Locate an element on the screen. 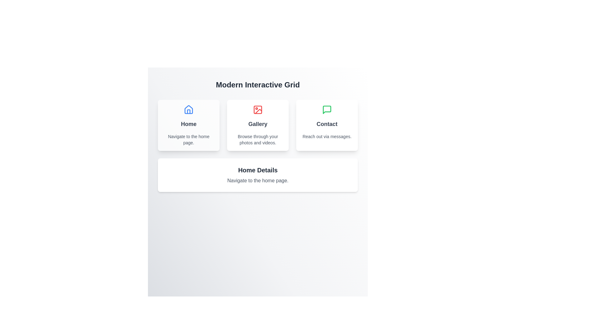  text content of the 'Home' label, which is displayed in a large, bold font in dark gray color, located in the top-left corner of a card structure within a grid layout is located at coordinates (188, 124).